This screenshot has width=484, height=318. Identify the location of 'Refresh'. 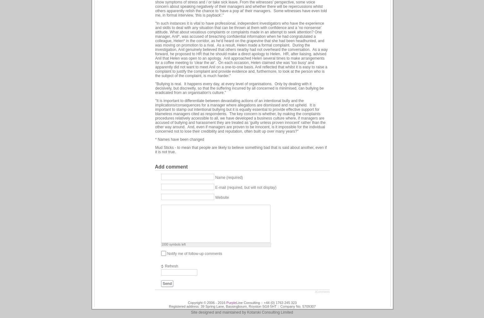
(171, 266).